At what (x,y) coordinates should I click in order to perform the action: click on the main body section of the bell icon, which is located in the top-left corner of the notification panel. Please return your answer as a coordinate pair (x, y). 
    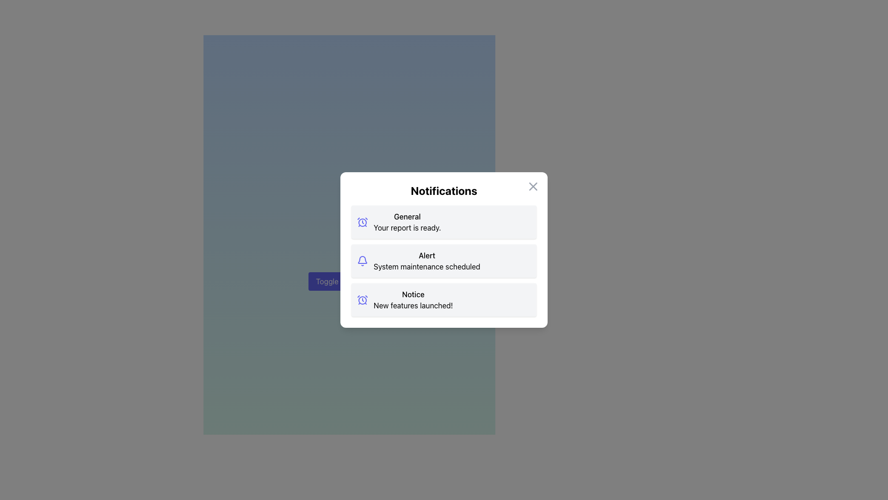
    Looking at the image, I should click on (362, 260).